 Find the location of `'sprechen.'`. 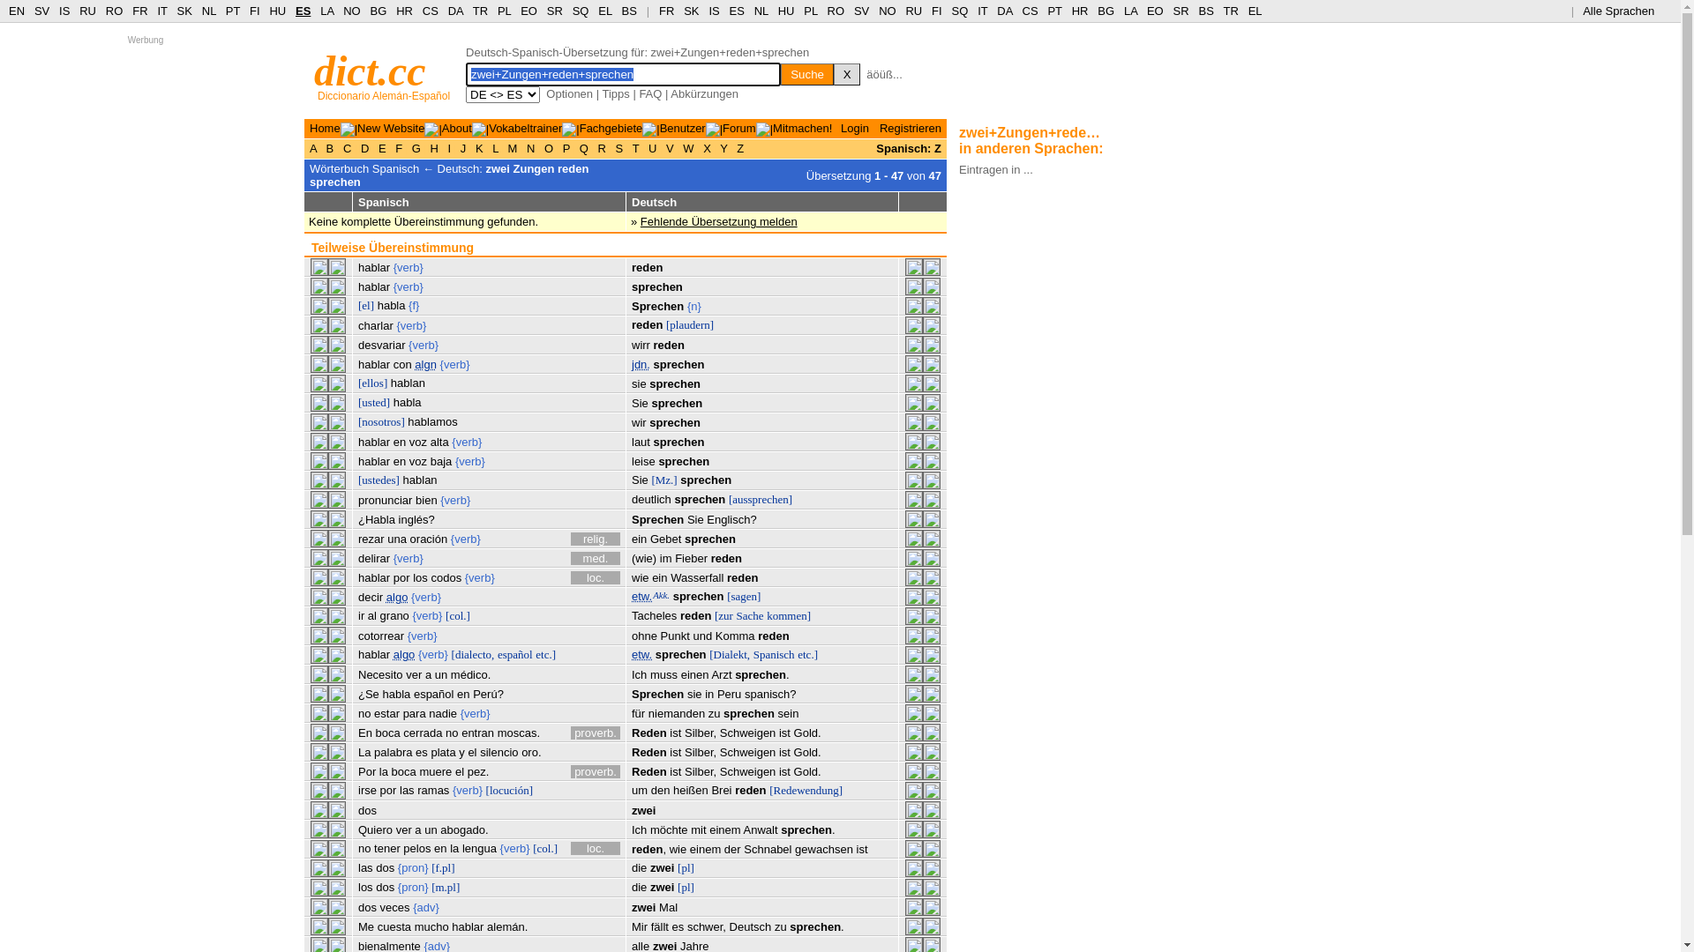

'sprechen.' is located at coordinates (779, 829).